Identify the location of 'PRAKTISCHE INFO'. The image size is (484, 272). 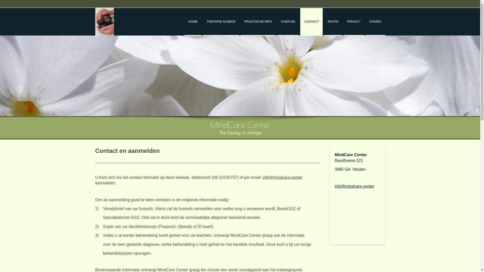
(258, 22).